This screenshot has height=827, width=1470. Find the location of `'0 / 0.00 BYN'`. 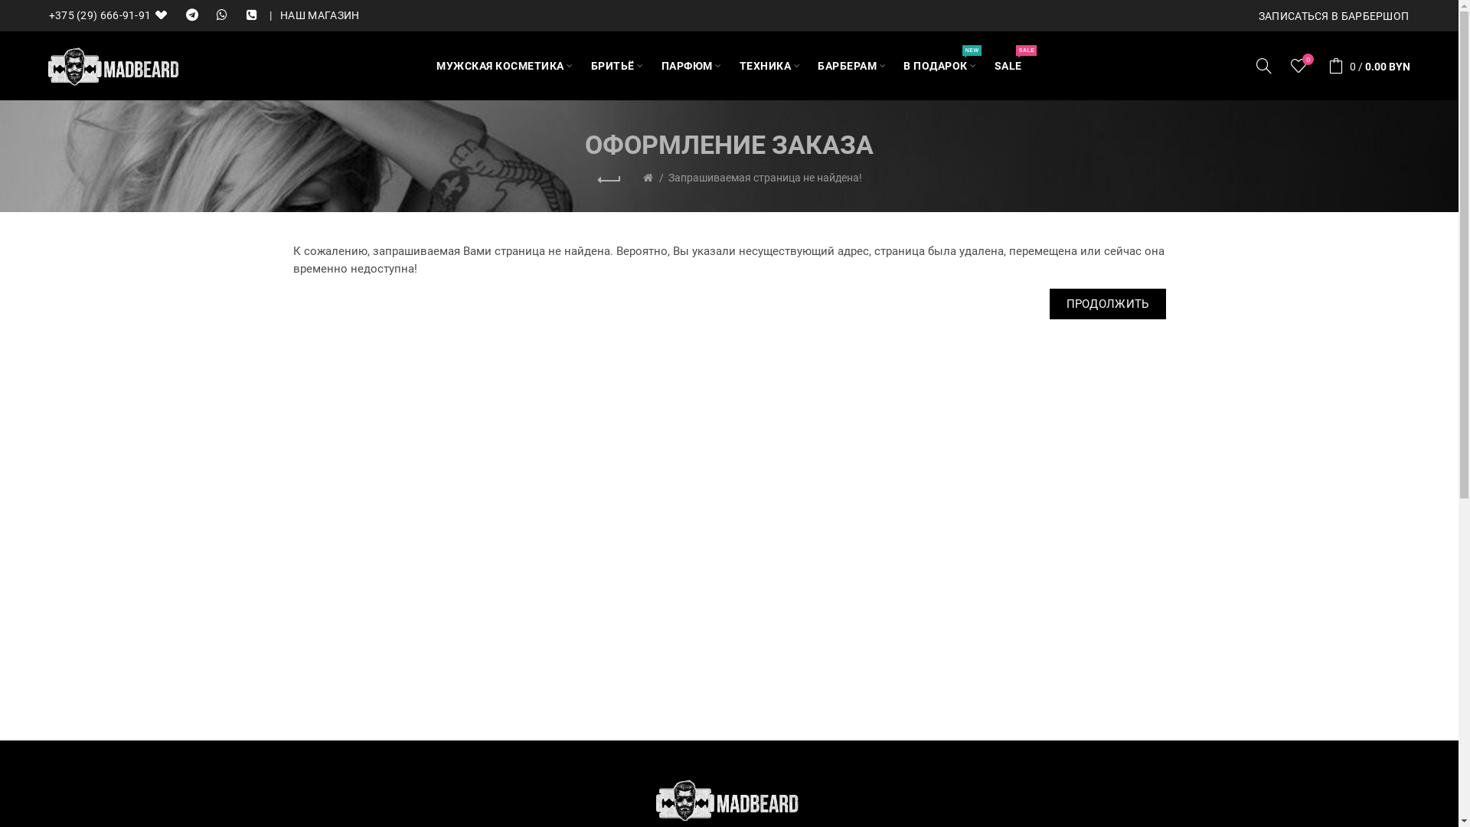

'0 / 0.00 BYN' is located at coordinates (1319, 64).